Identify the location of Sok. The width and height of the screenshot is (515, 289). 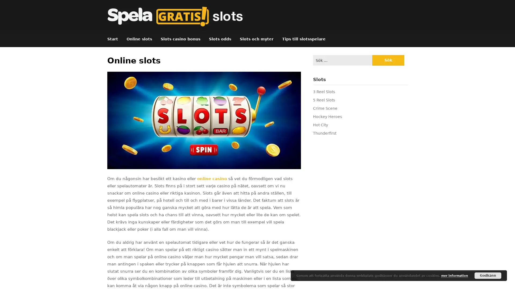
(388, 60).